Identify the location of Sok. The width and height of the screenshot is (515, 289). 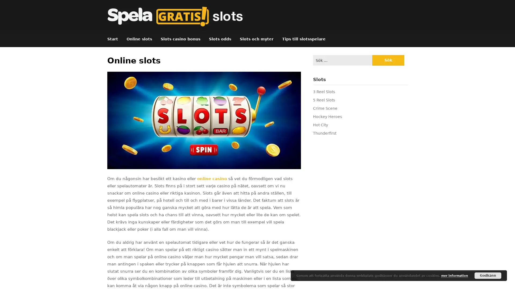
(388, 60).